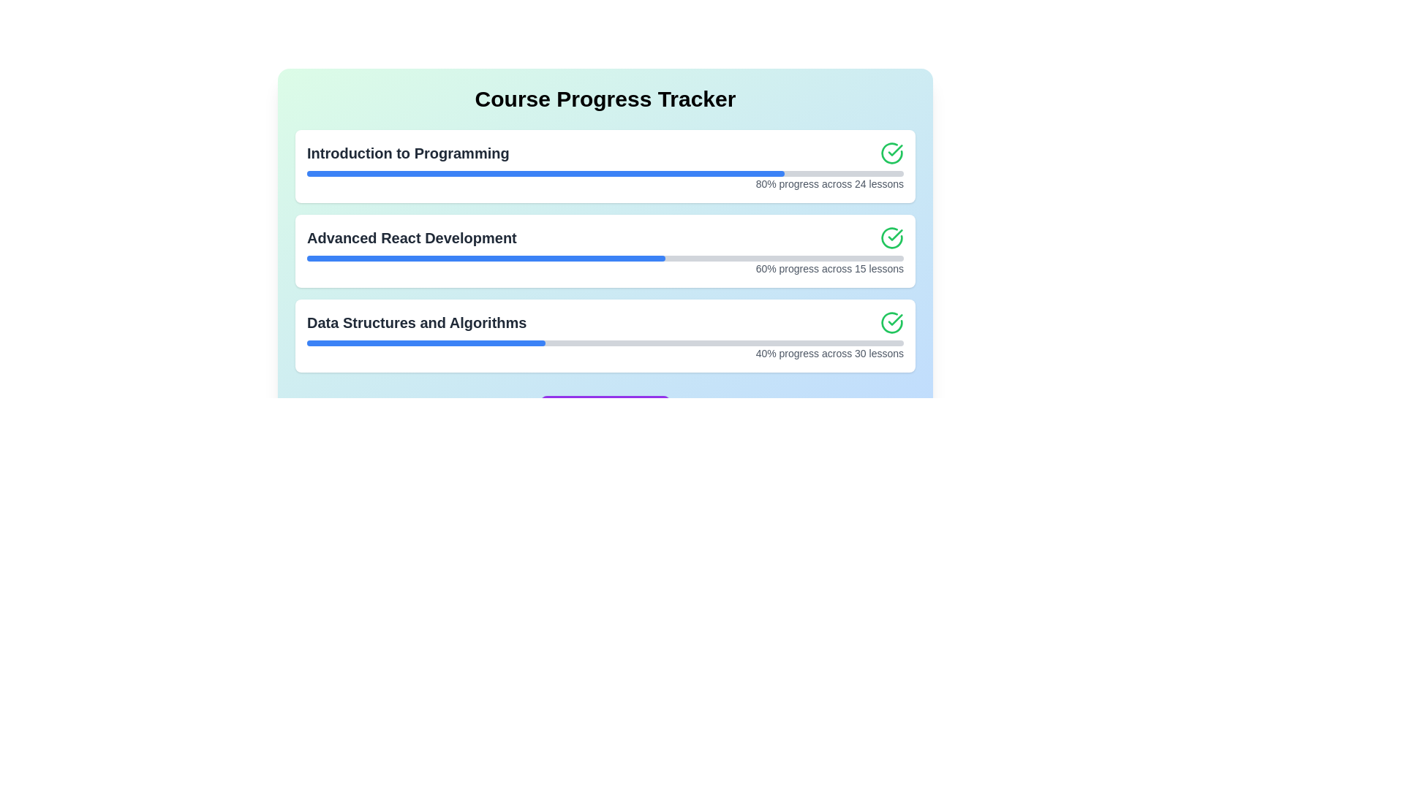  What do you see at coordinates (605, 258) in the screenshot?
I see `the progress bar indicating 60% completion for the 'Advanced React Development' course, located below its title and above the progress text` at bounding box center [605, 258].